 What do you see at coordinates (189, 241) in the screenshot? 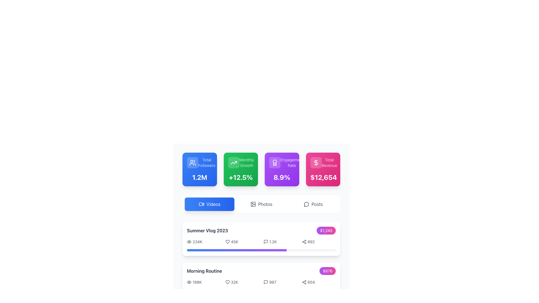
I see `the eye icon, which is a distinct dark gray minimalistic icon located to the left of the text '234K' in the first row of the 'Summer Vlog 2023' card under the 'Videos' tab` at bounding box center [189, 241].